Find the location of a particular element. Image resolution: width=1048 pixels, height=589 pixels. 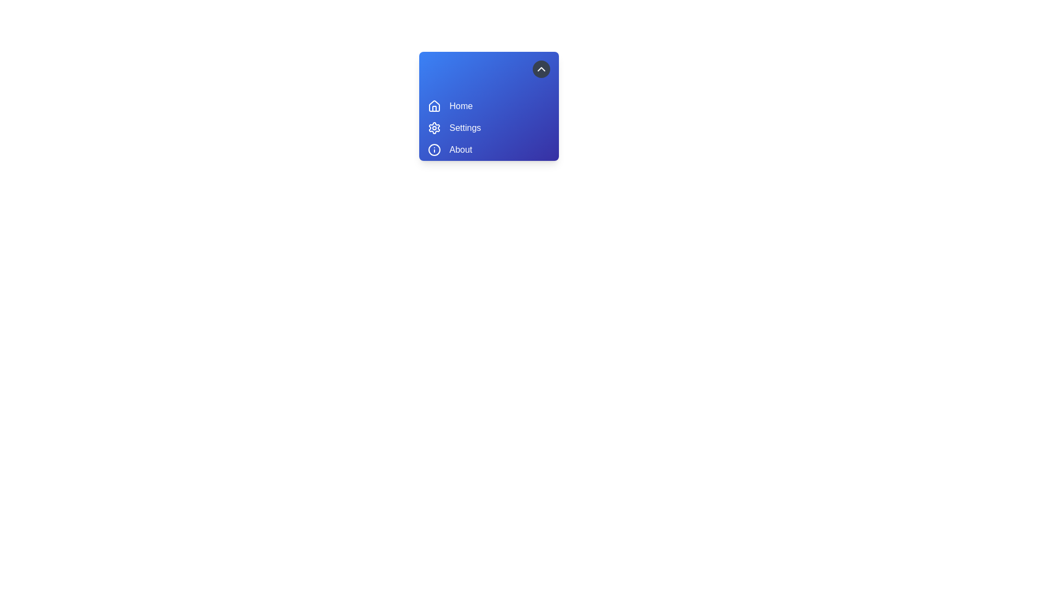

the 'About' text label displayed in white color within a dropdown menu is located at coordinates (461, 149).